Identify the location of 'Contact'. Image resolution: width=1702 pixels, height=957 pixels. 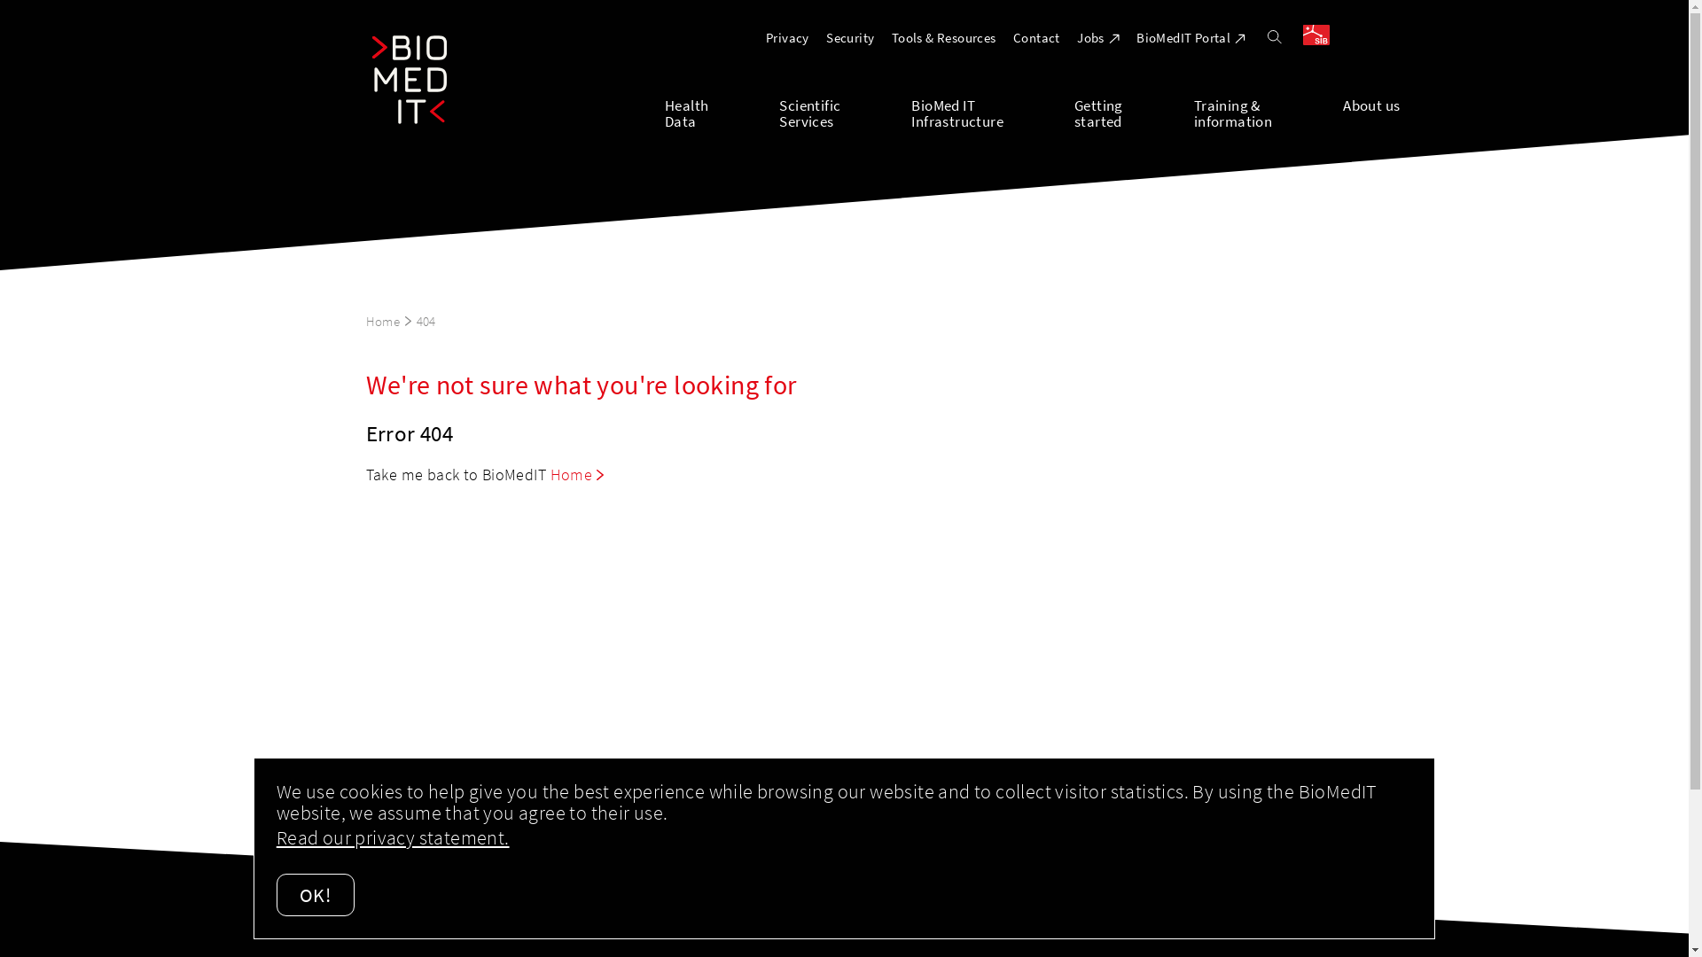
(1036, 37).